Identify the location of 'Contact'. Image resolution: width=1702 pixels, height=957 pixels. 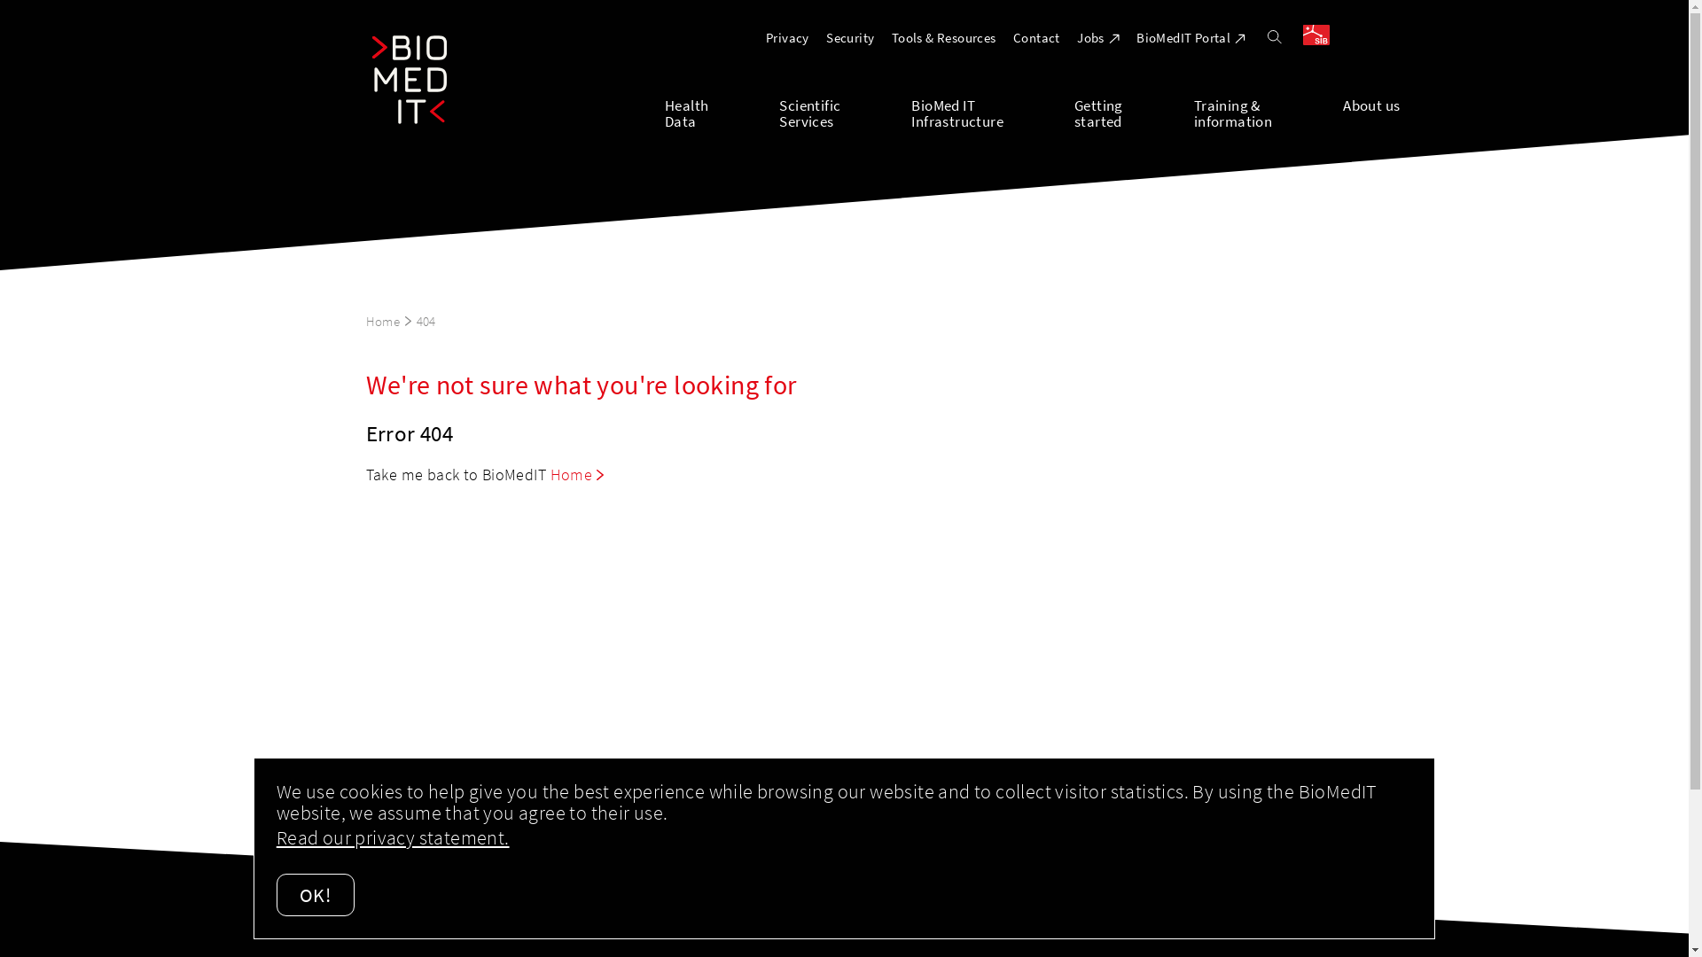
(1036, 37).